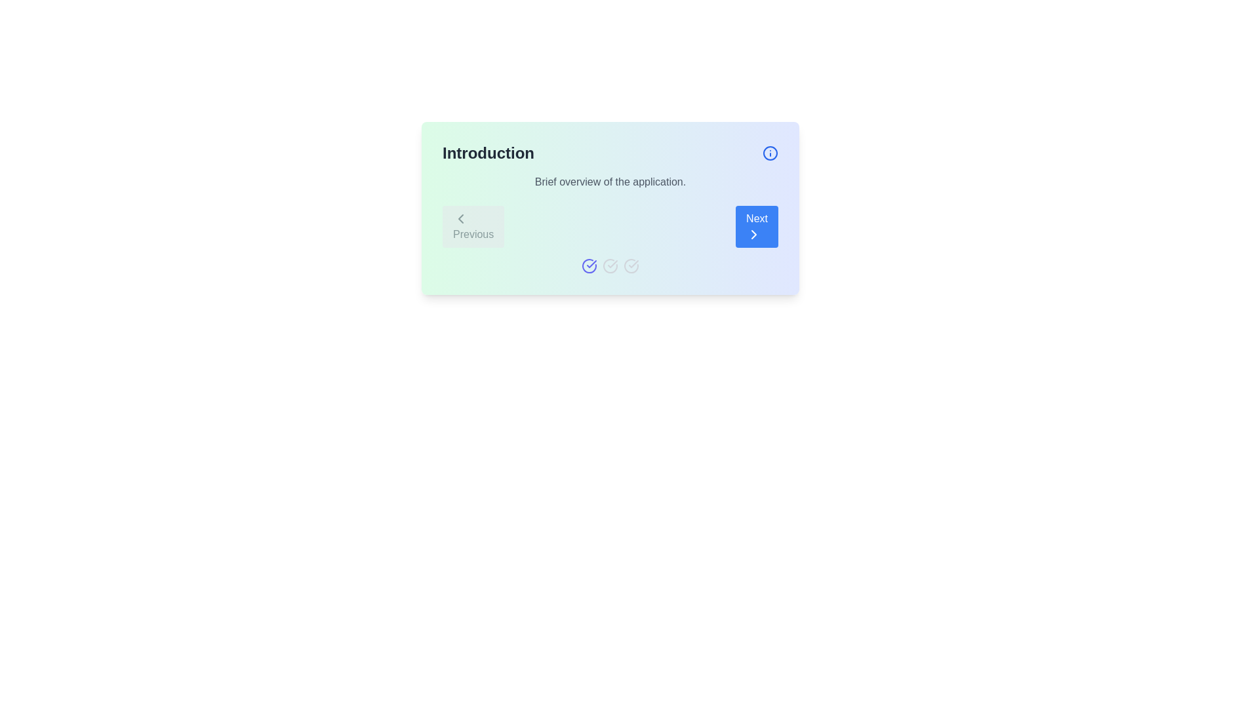  I want to click on the informational icon in the top-right corner of the 'Introduction' header bar, so click(770, 153).